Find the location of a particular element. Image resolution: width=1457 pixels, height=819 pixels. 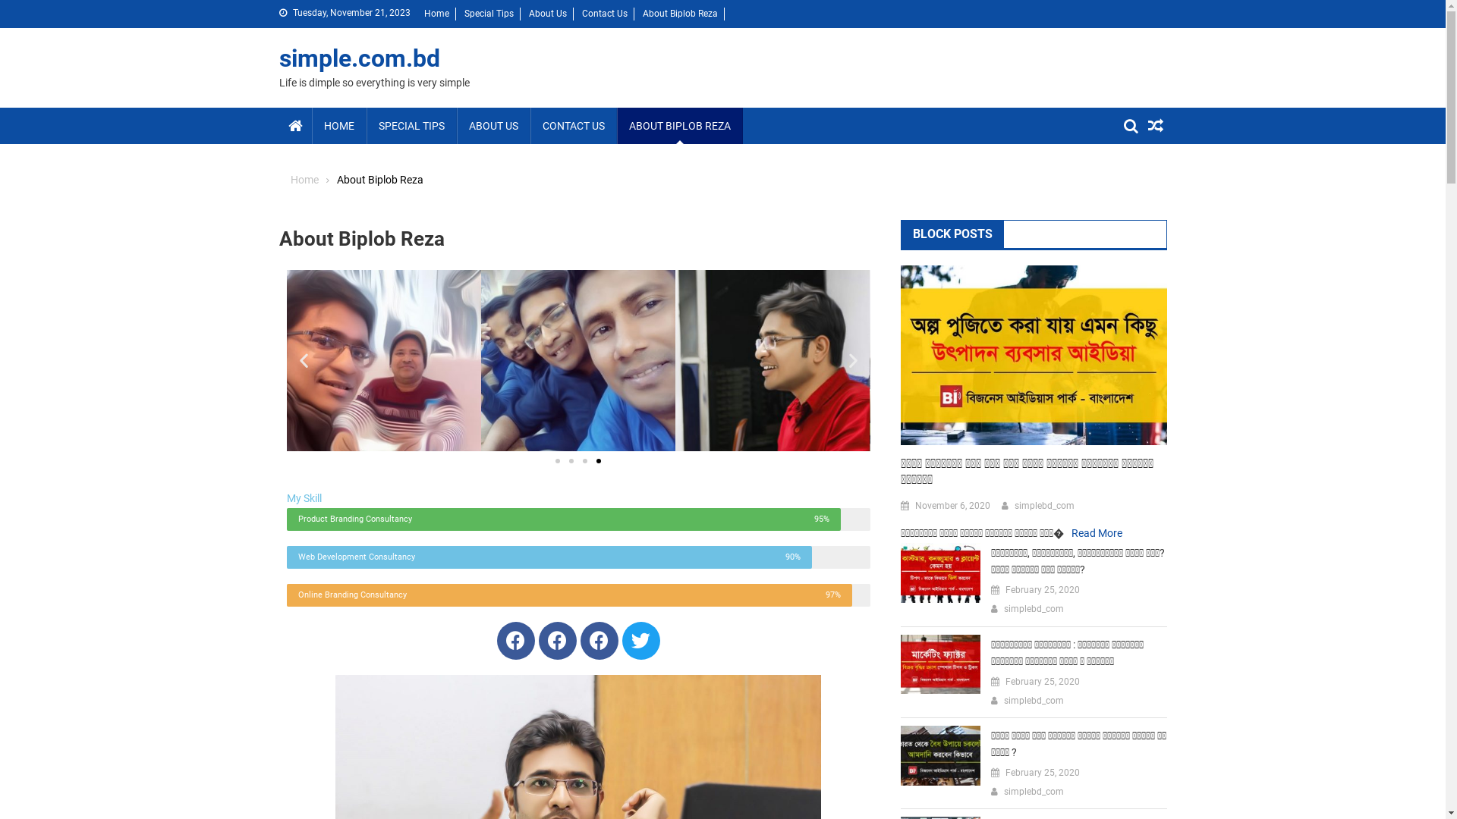

'simple.com.bd' is located at coordinates (359, 58).